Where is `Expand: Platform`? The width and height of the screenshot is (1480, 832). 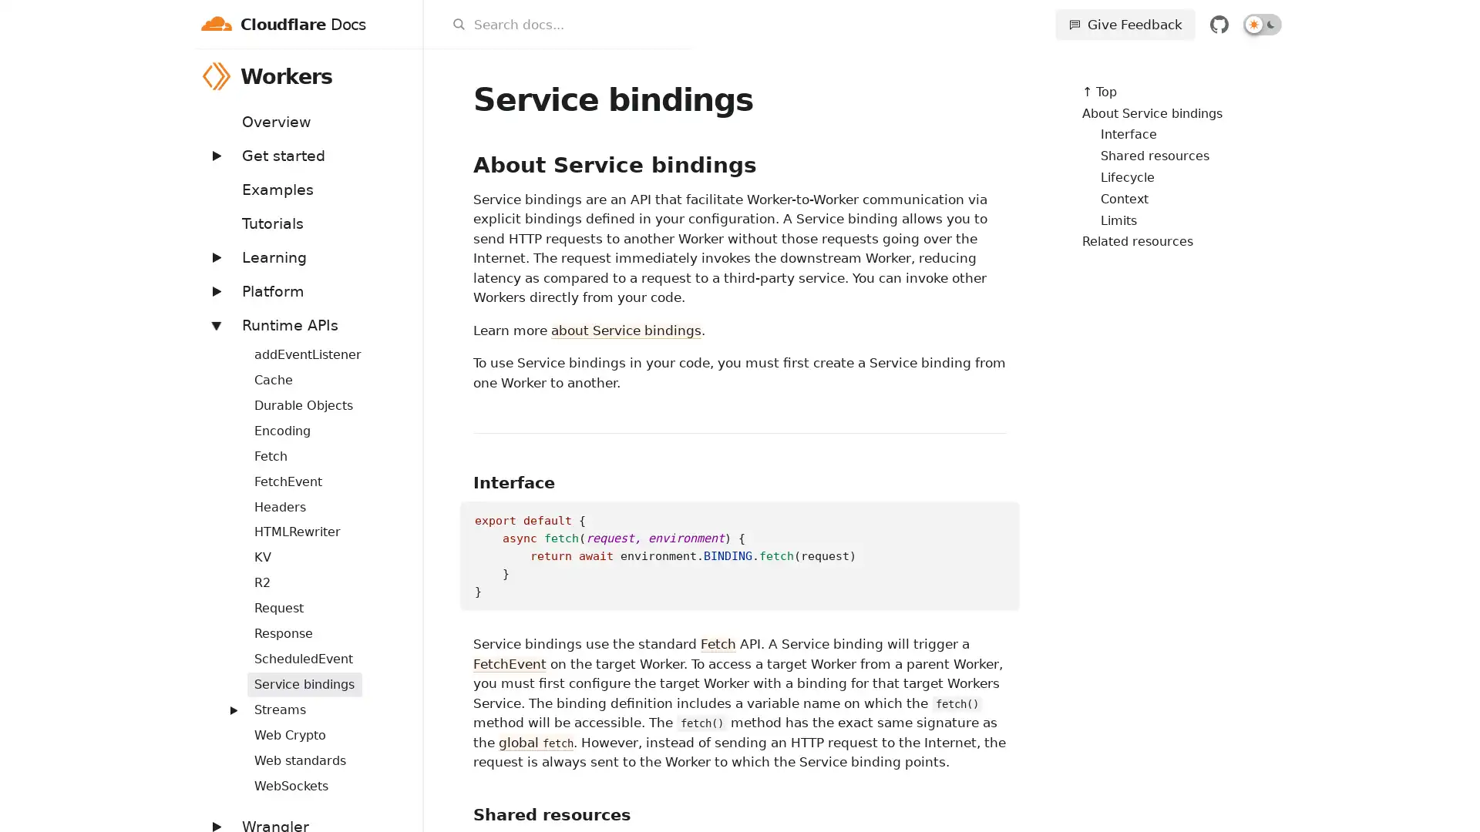
Expand: Platform is located at coordinates (214, 290).